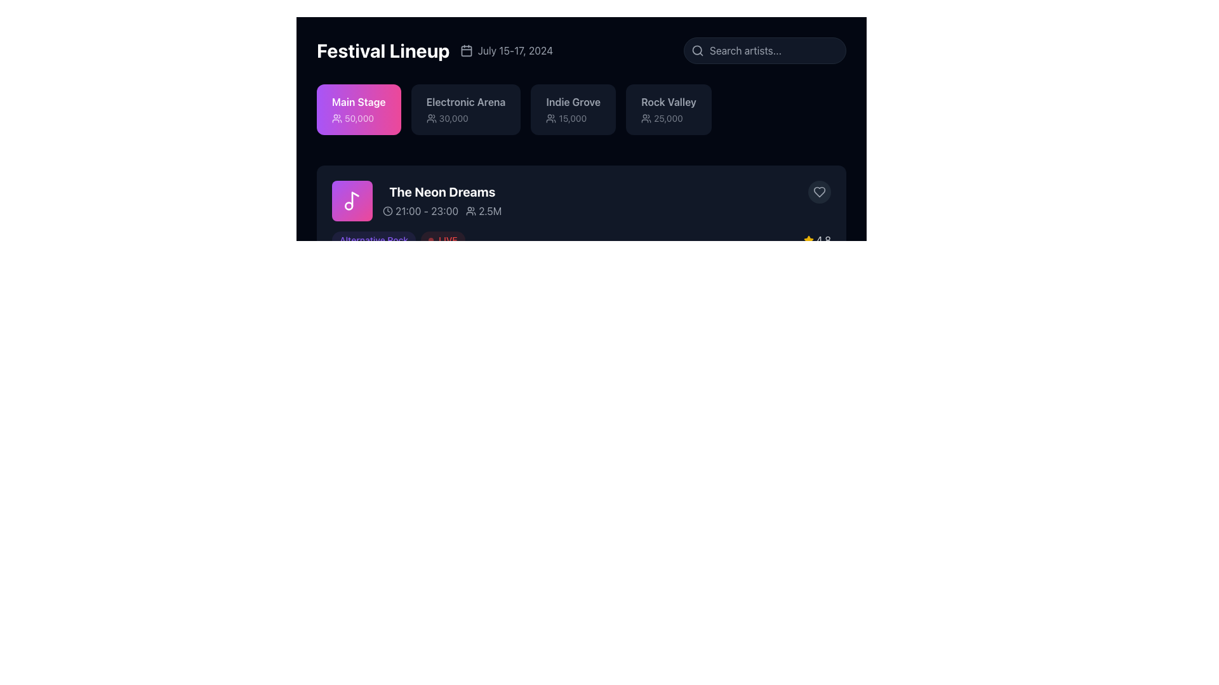 This screenshot has height=685, width=1219. I want to click on the Text label that presents the name of a specific venue or event category, located third from the left in a horizontal group of four elements, aligned centrally in the second row of the layout, so click(573, 101).